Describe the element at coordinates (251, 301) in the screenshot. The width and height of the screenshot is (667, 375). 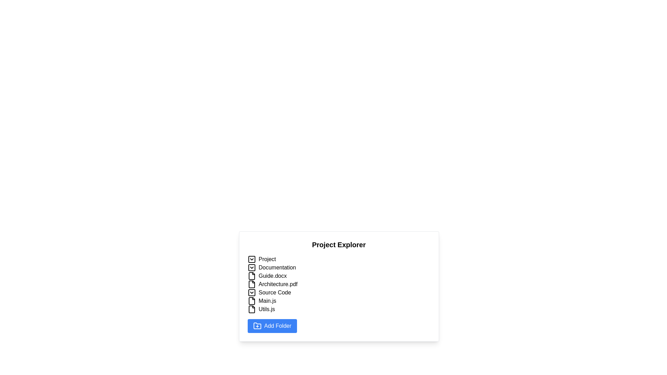
I see `the small black file sheet icon located` at that location.